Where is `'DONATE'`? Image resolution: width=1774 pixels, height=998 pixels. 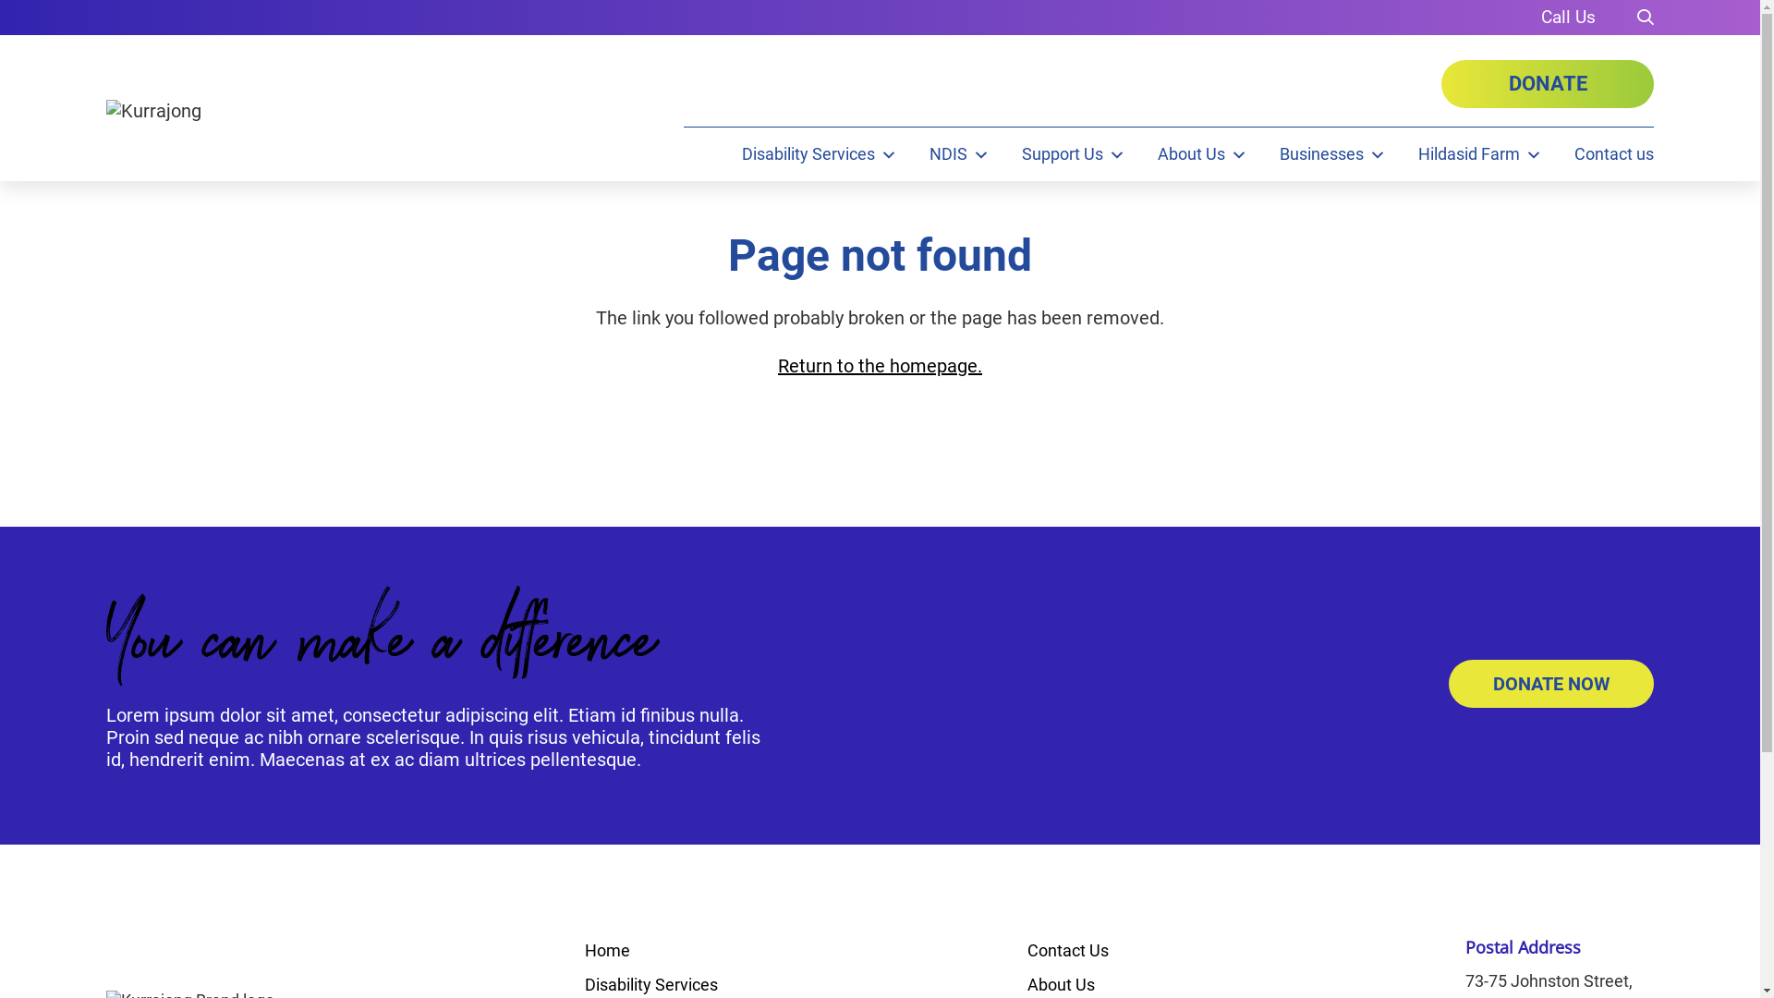 'DONATE' is located at coordinates (1548, 84).